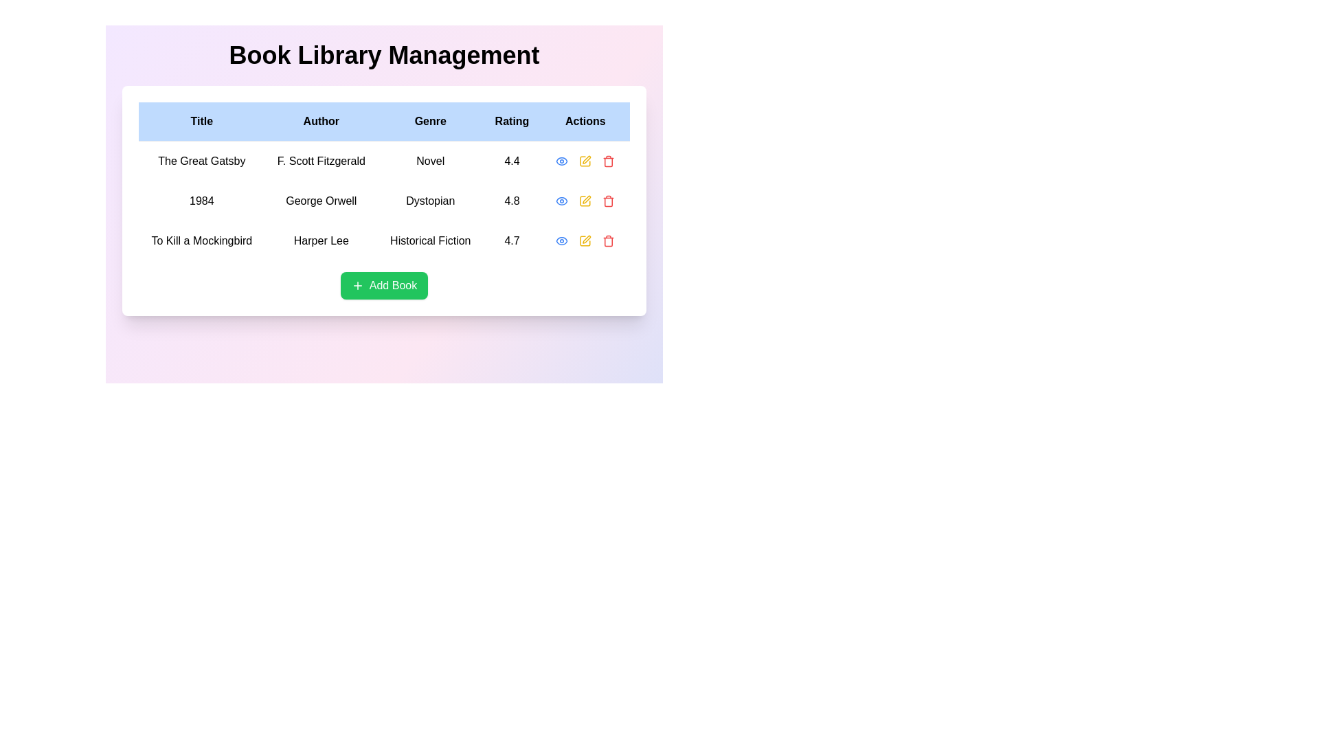  Describe the element at coordinates (320, 201) in the screenshot. I see `the text label displaying the author's name 'George Orwell', which is located in the second cell under the 'Author' column in the second row of the table, surrounded by '1984' on the left and 'Dystopian' on the right` at that location.